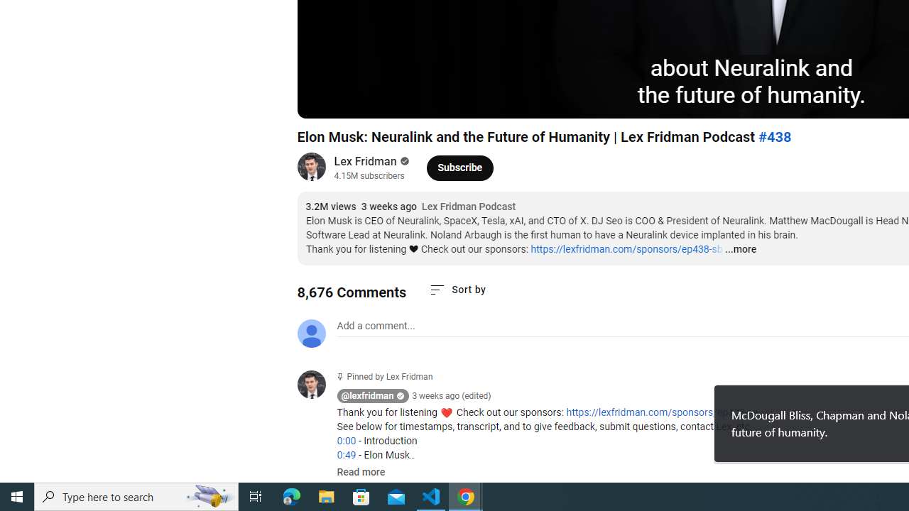  What do you see at coordinates (376, 326) in the screenshot?
I see `'AutomationID: simplebox-placeholder'` at bounding box center [376, 326].